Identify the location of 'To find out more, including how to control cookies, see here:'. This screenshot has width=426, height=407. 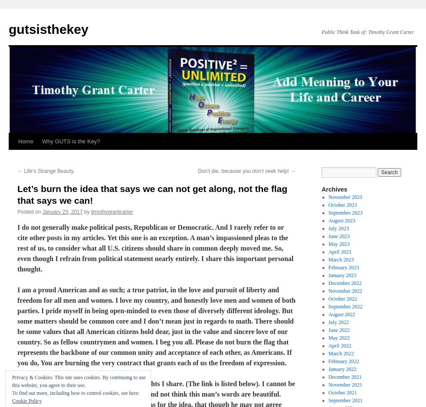
(76, 393).